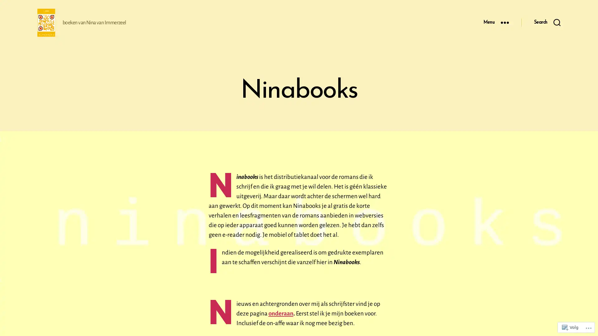  I want to click on Search, so click(547, 22).